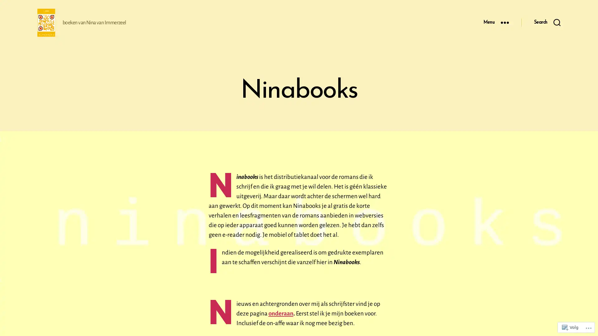  I want to click on Search, so click(547, 22).